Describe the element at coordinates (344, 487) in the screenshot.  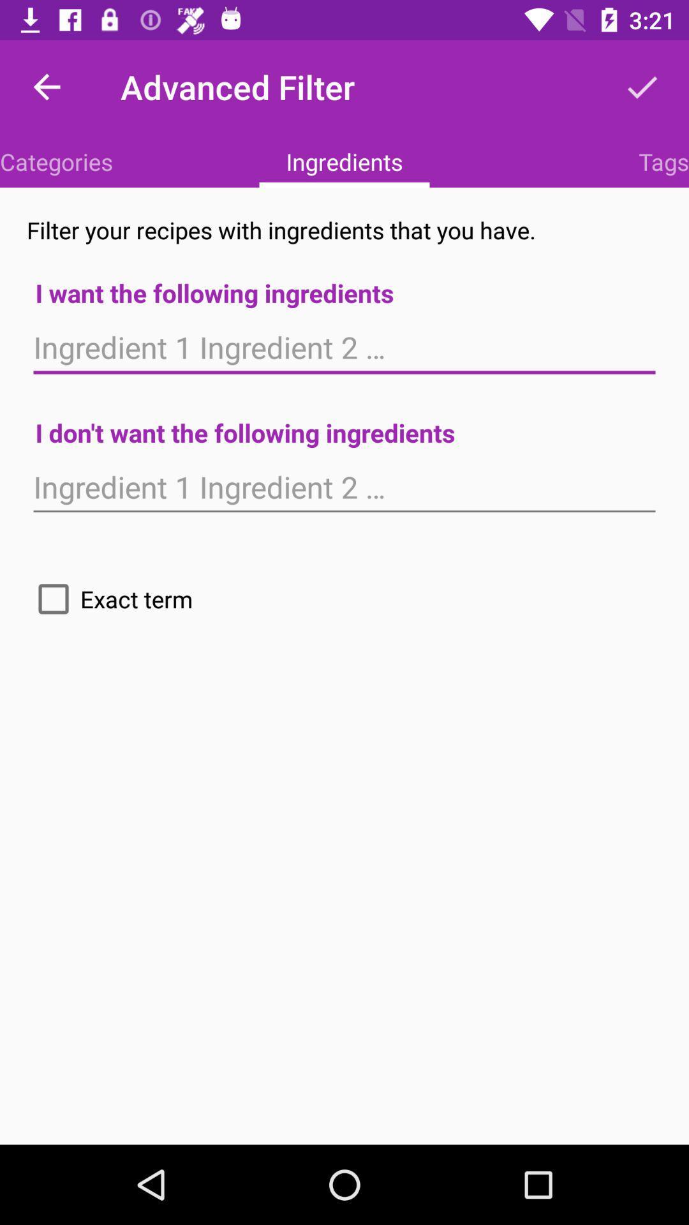
I see `exclude ingredient textbox` at that location.